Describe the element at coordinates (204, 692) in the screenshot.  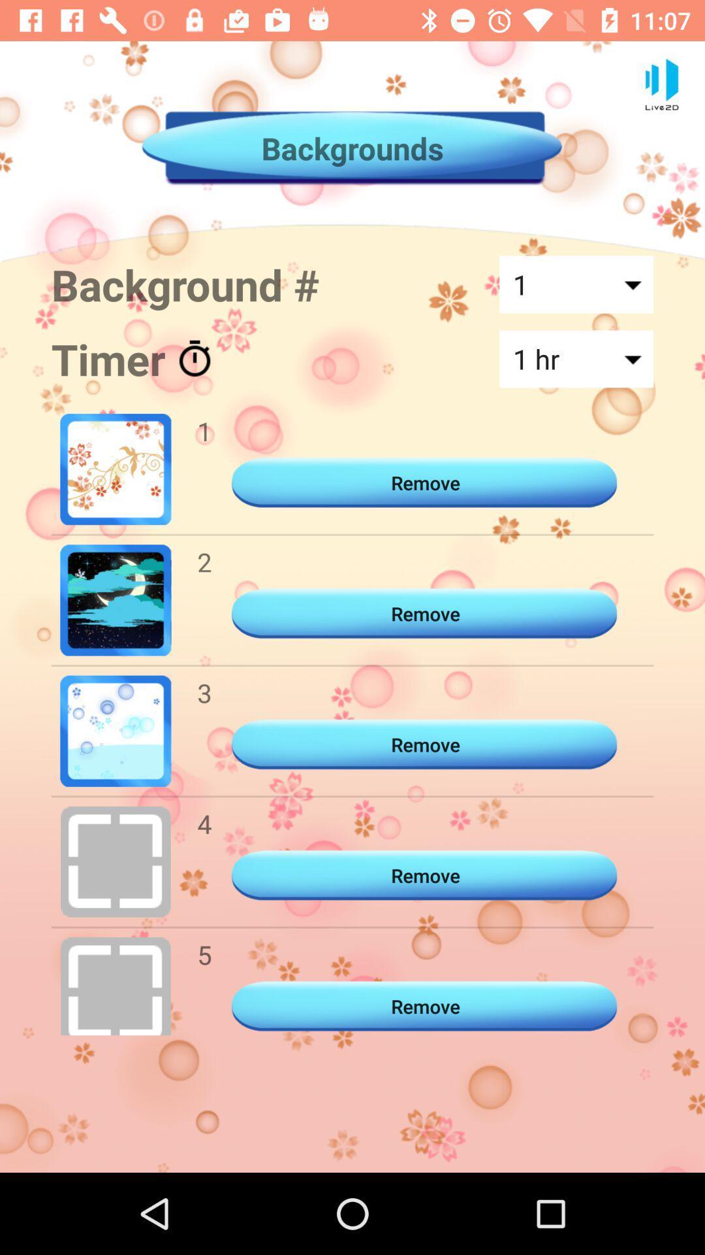
I see `the item above 4 item` at that location.